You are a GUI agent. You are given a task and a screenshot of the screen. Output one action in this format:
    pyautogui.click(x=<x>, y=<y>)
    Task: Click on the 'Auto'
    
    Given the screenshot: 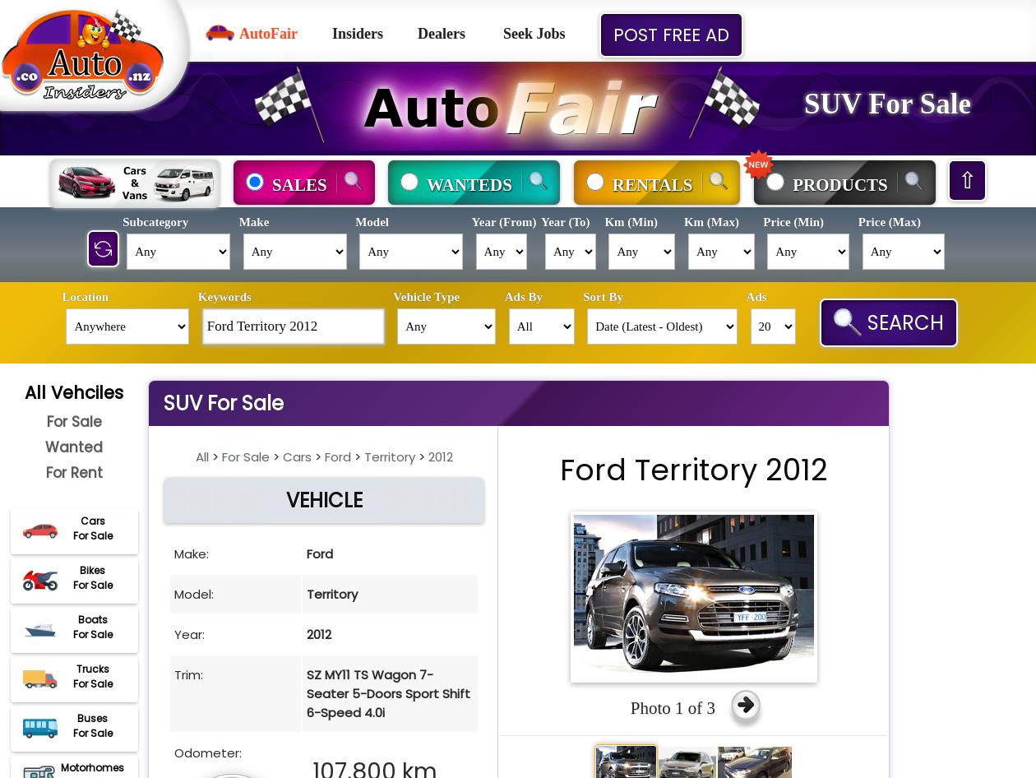 What is the action you would take?
    pyautogui.click(x=432, y=105)
    